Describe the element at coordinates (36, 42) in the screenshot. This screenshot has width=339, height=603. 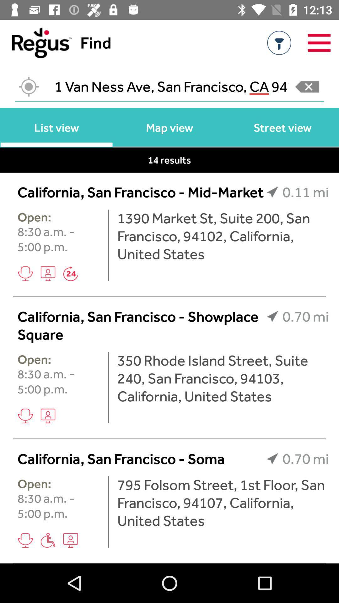
I see `return to home page` at that location.